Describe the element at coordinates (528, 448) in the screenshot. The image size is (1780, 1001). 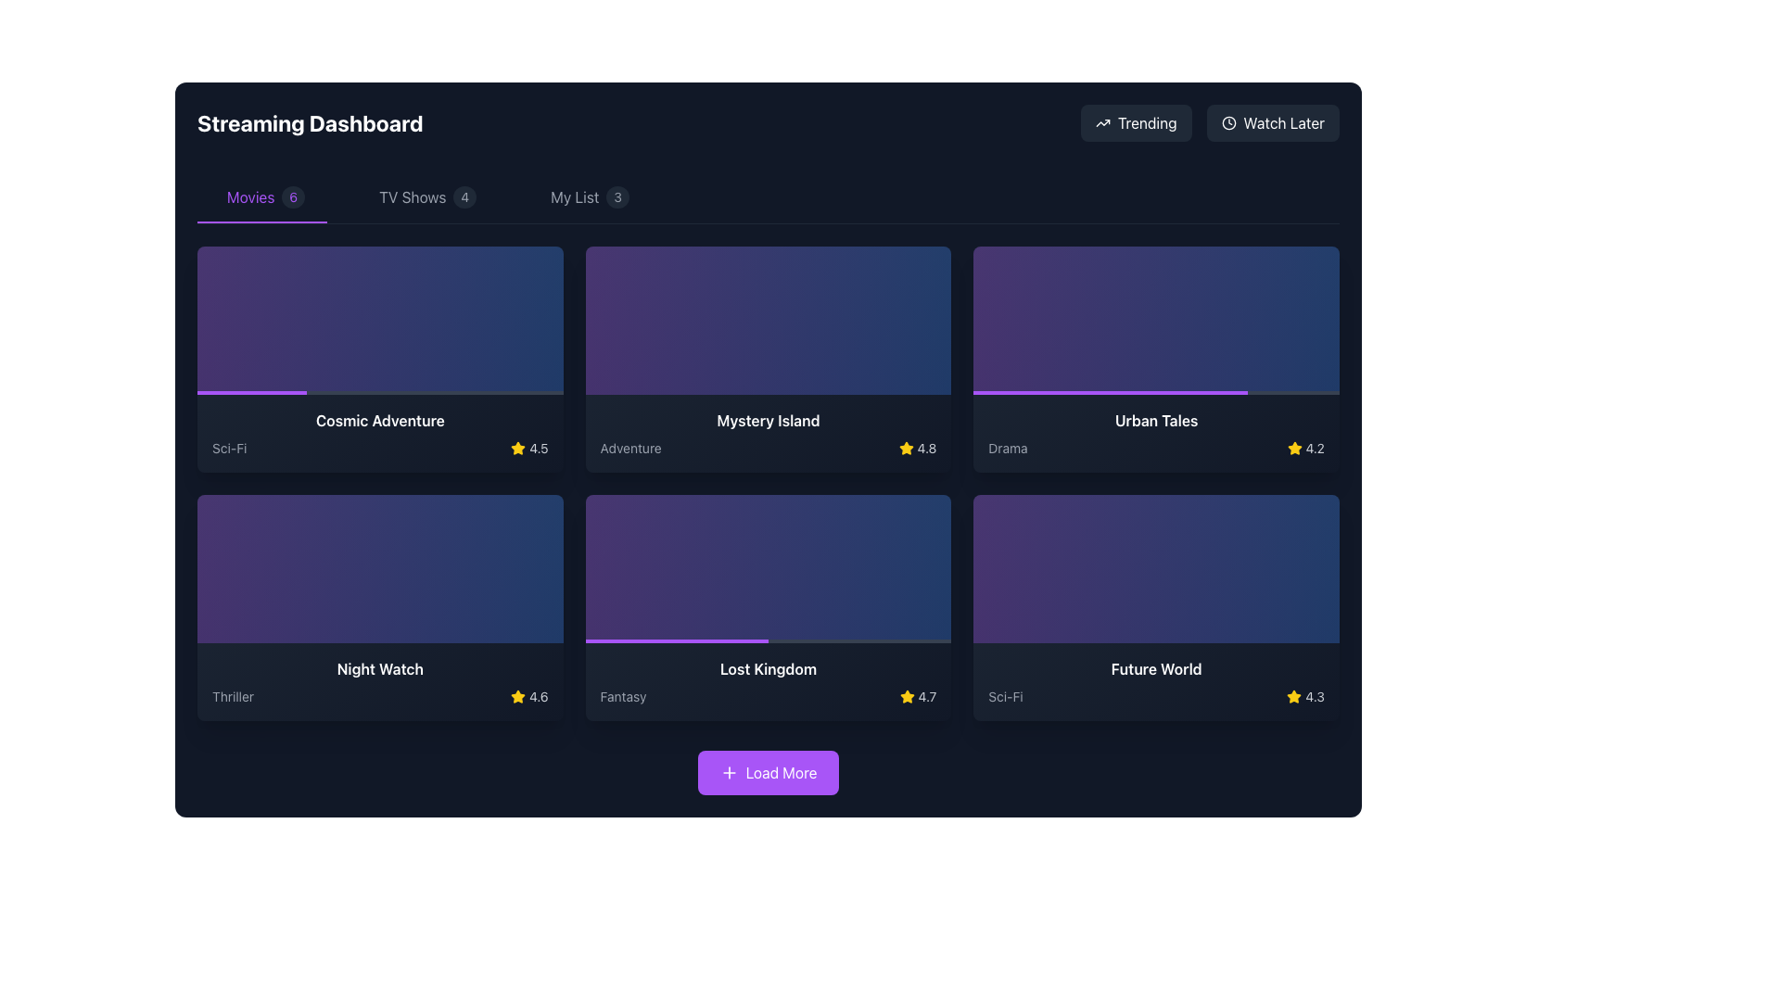
I see `the yellow star icon displaying the rating '4.5' in the top right corner of the 'Cosmic Adventure' card in the 'Movies' section` at that location.